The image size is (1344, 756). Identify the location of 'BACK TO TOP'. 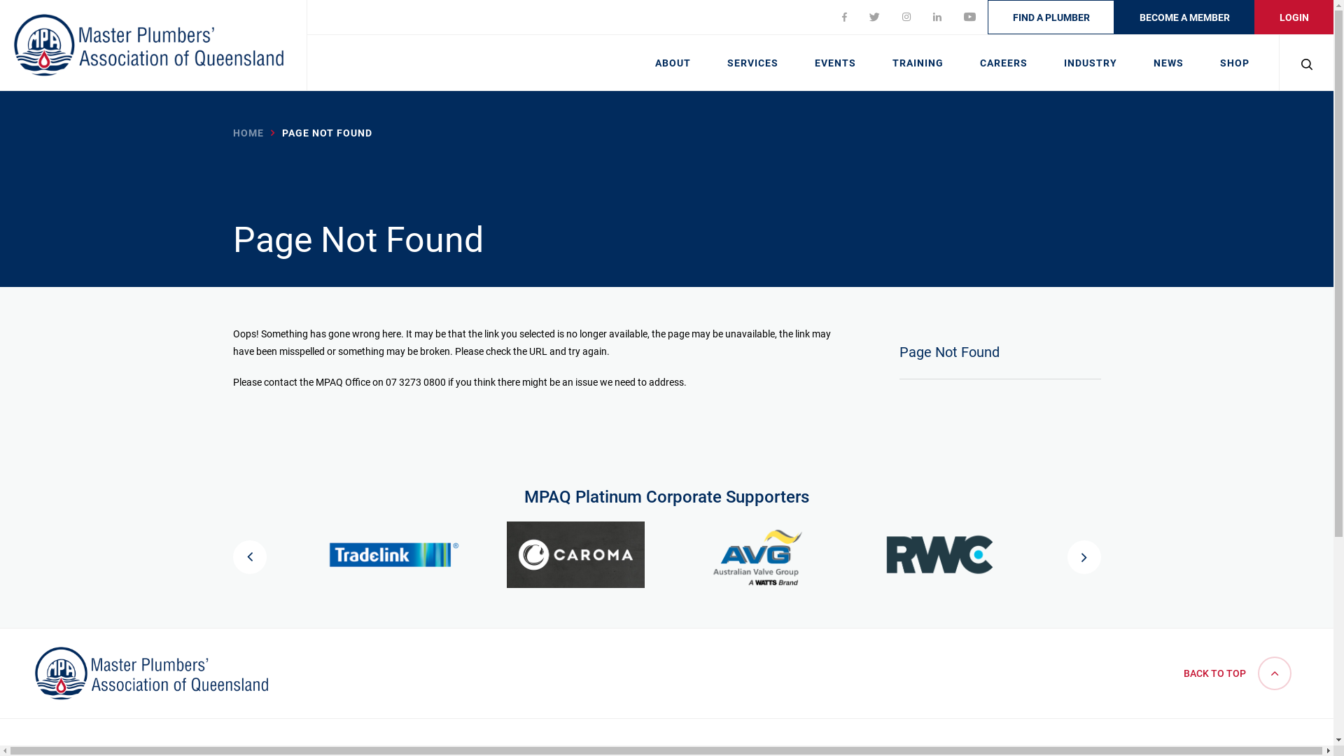
(1176, 672).